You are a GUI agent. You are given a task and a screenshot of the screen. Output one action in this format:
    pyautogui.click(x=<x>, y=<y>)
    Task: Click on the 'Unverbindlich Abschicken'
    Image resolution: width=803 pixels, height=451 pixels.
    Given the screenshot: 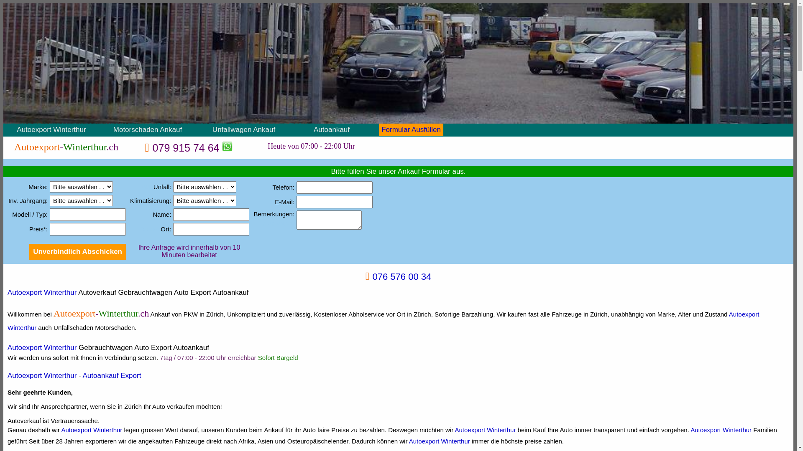 What is the action you would take?
    pyautogui.click(x=29, y=251)
    